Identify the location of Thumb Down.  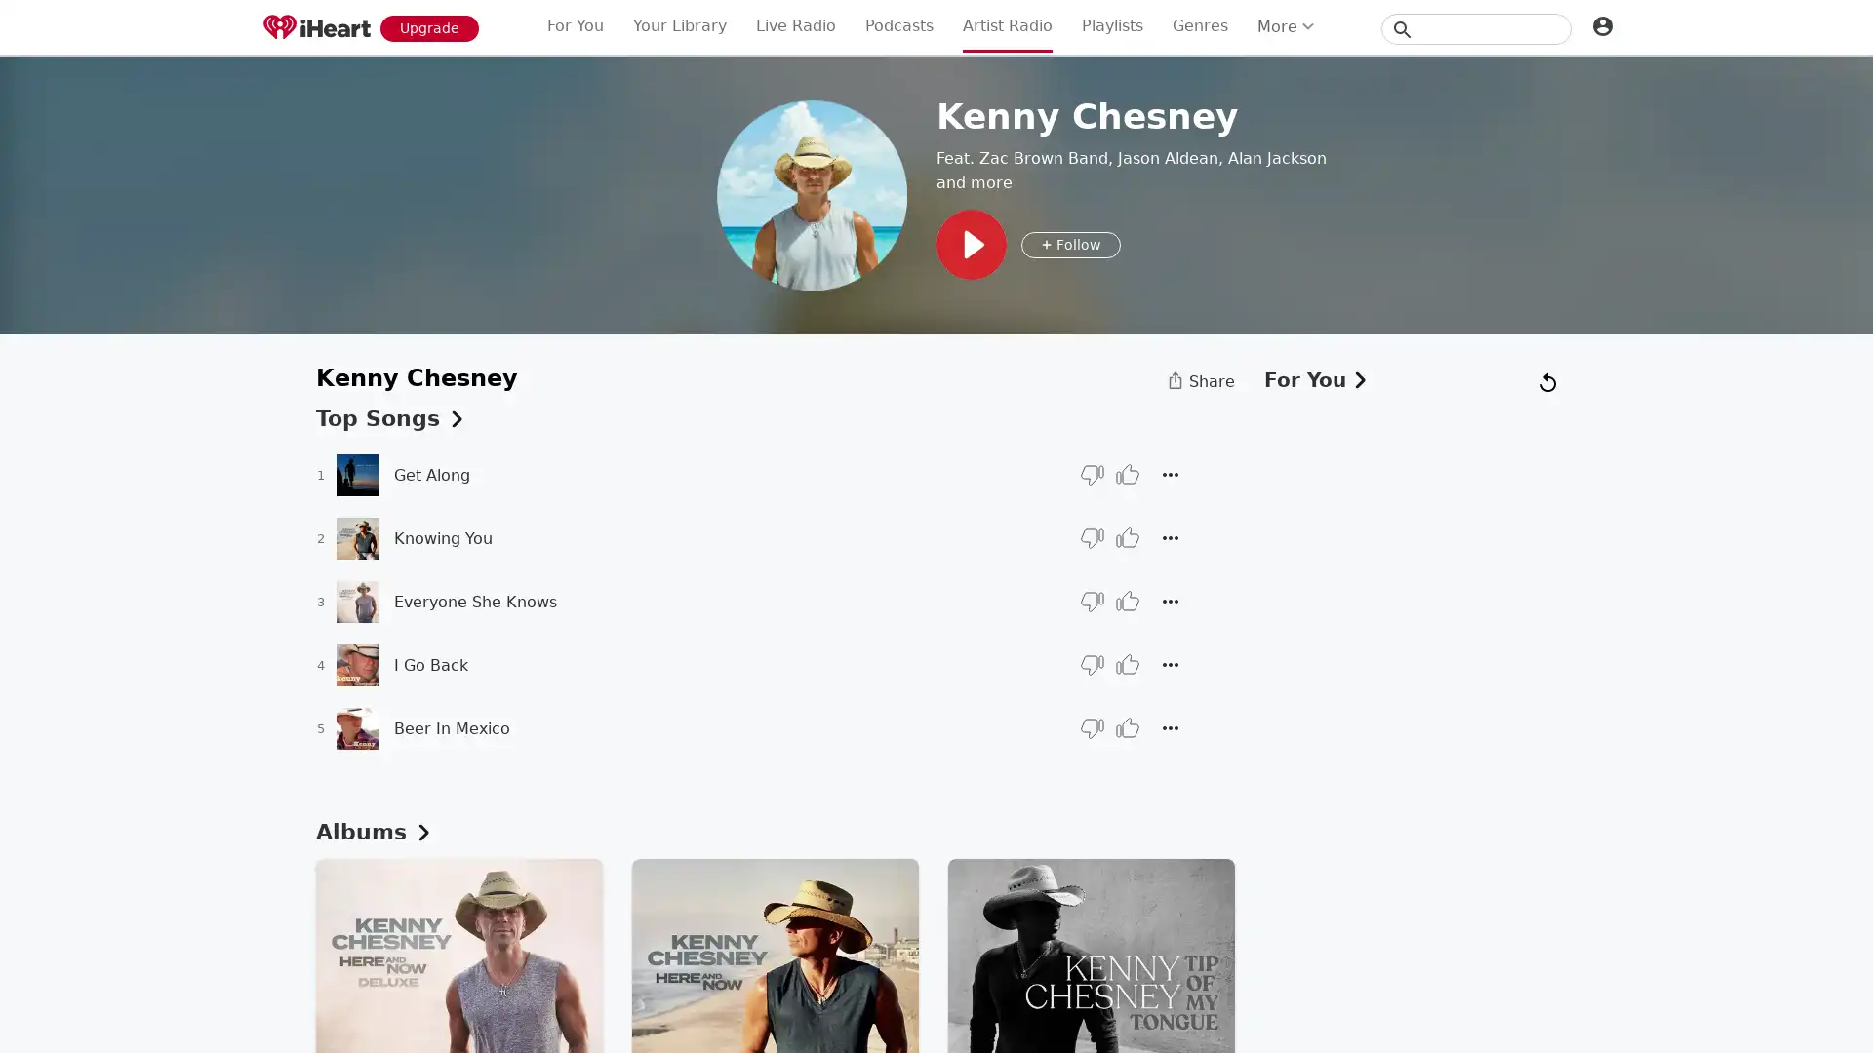
(1091, 601).